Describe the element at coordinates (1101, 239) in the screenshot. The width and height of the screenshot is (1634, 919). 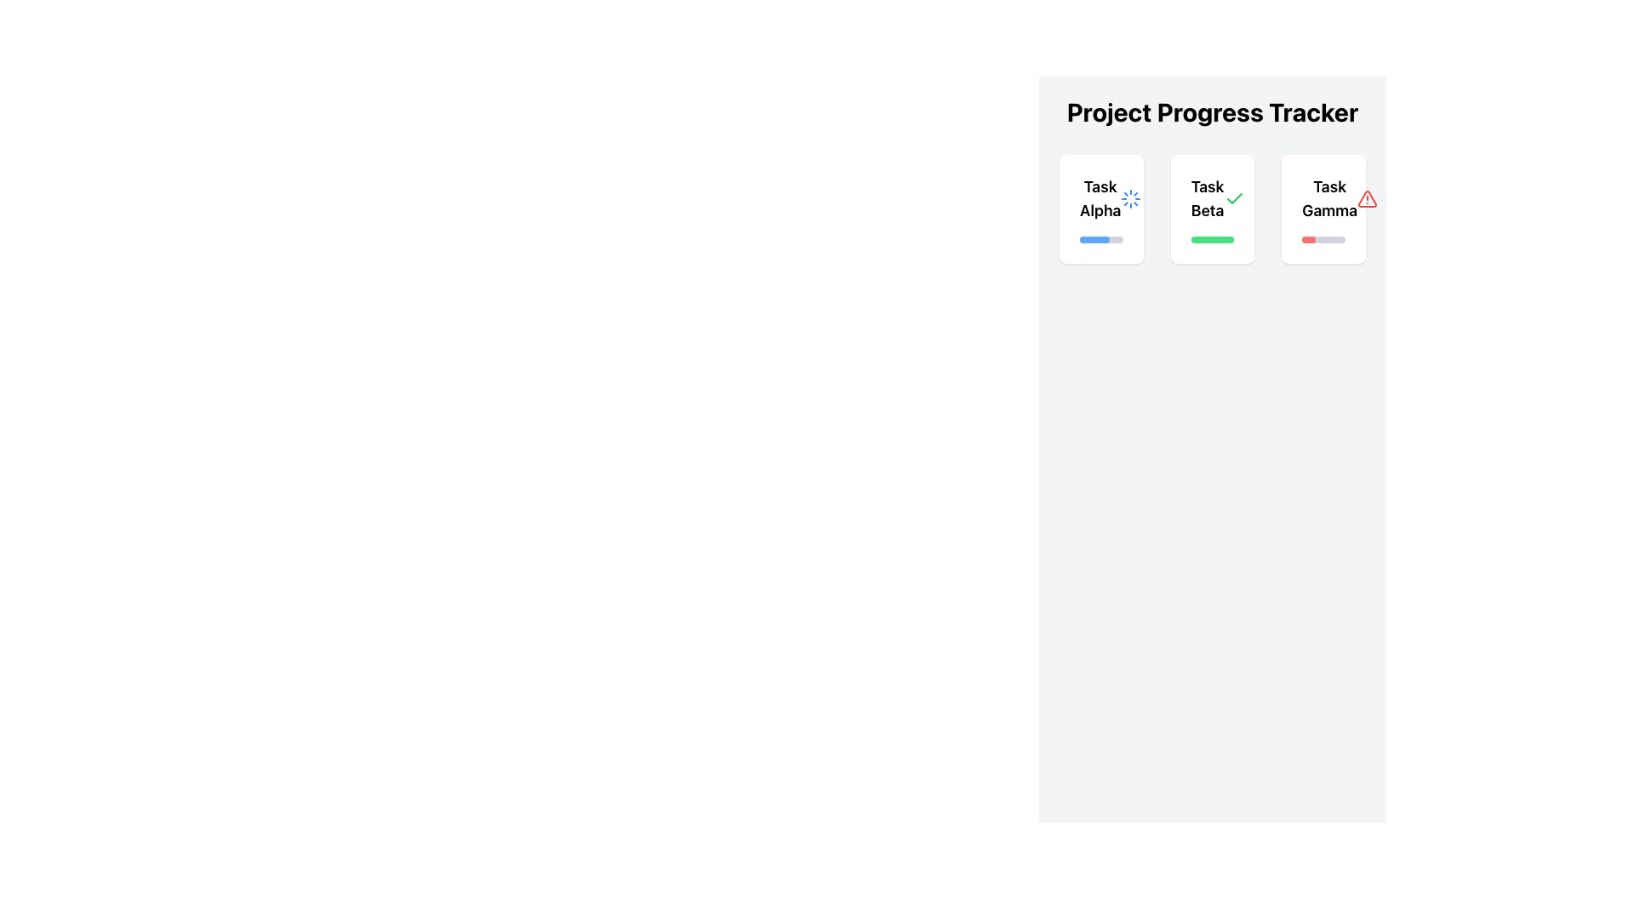
I see `the progress represented by the blue filled portion of the horizontal progress bar located at the bottom of the 'Task Alpha' card` at that location.